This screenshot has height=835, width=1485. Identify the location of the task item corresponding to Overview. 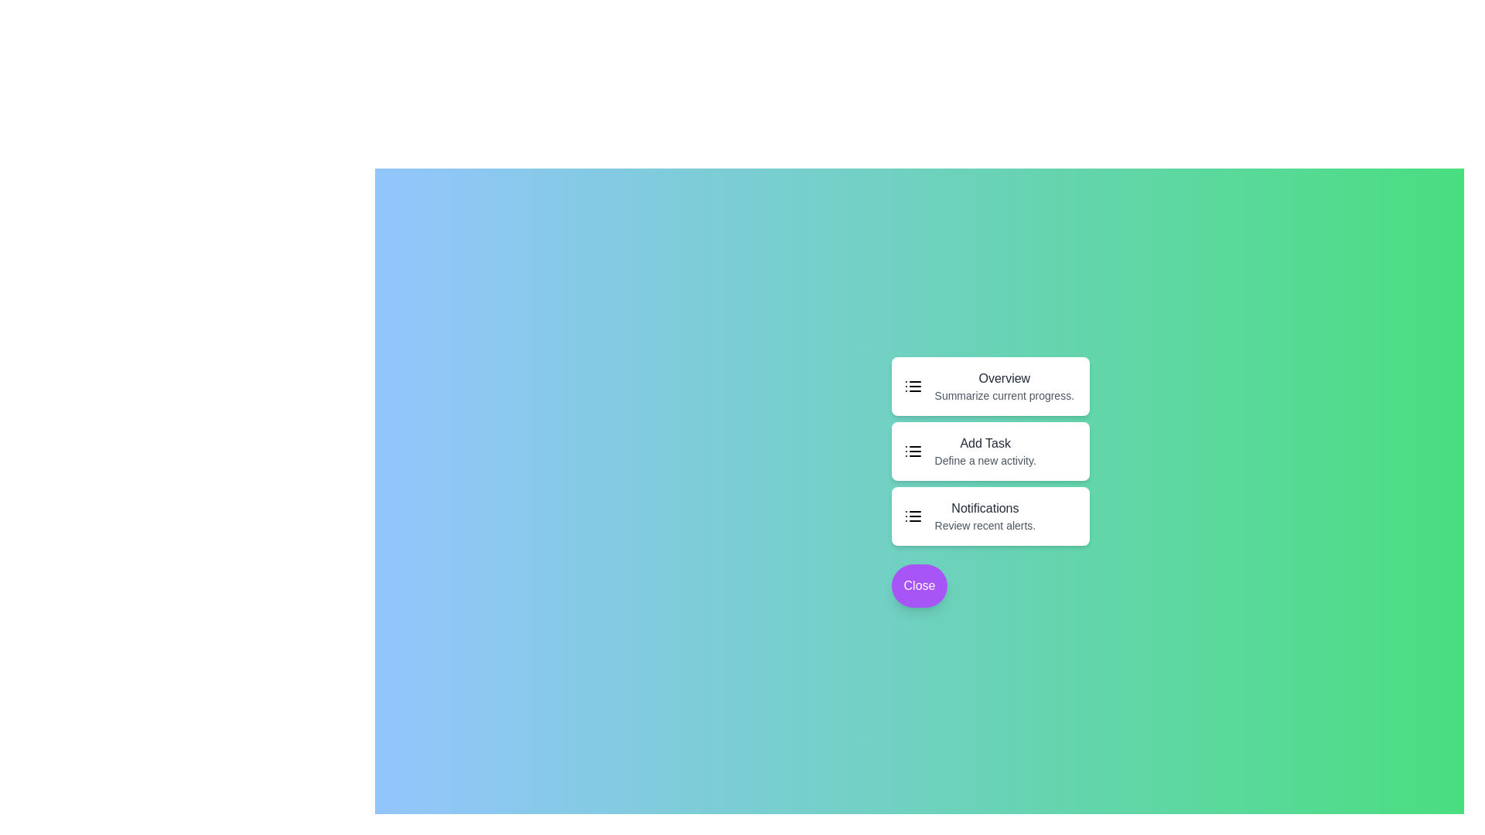
(990, 386).